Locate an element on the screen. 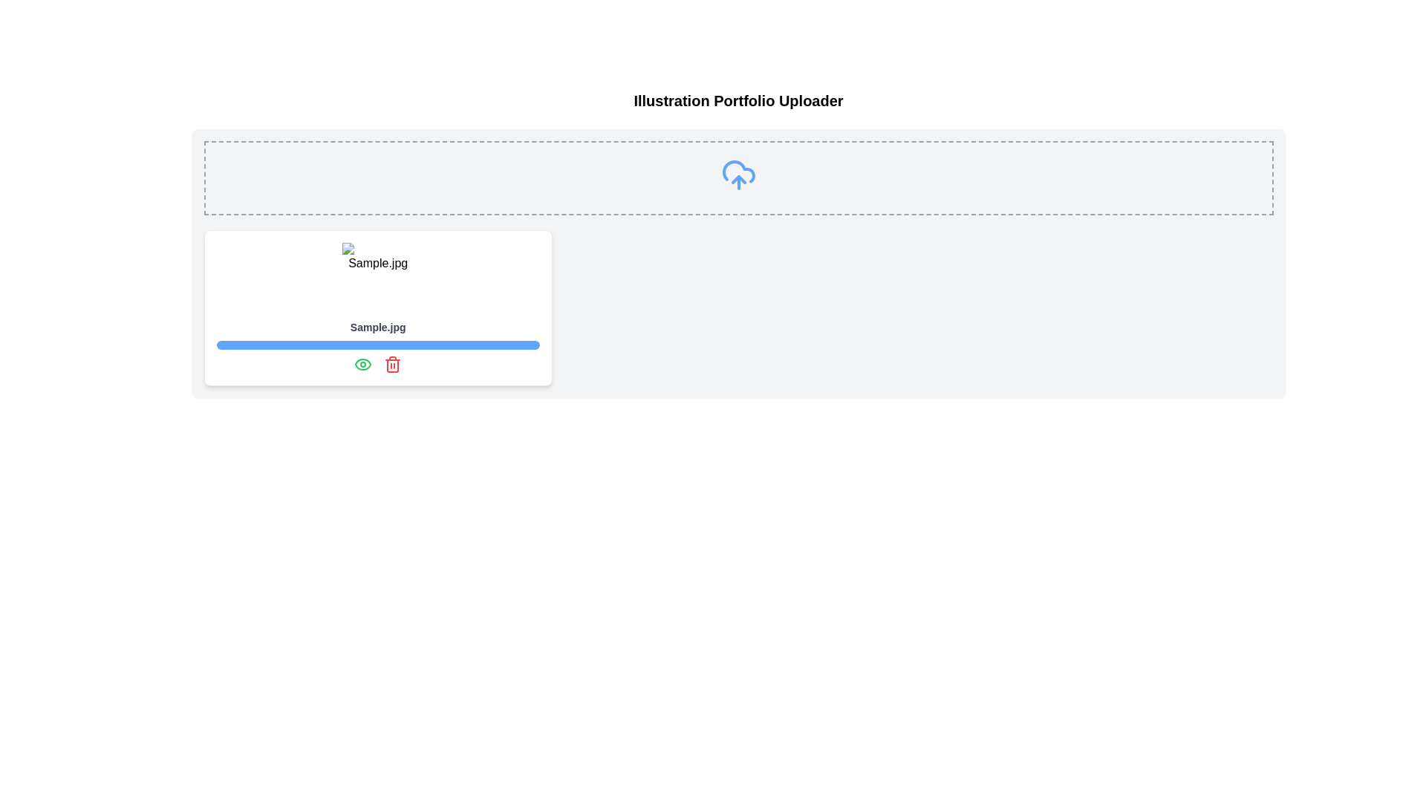 This screenshot has width=1426, height=802. the red garbage bin icon button located at the bottom right section of the modal dialog, indicating a delete action is located at coordinates (393, 366).